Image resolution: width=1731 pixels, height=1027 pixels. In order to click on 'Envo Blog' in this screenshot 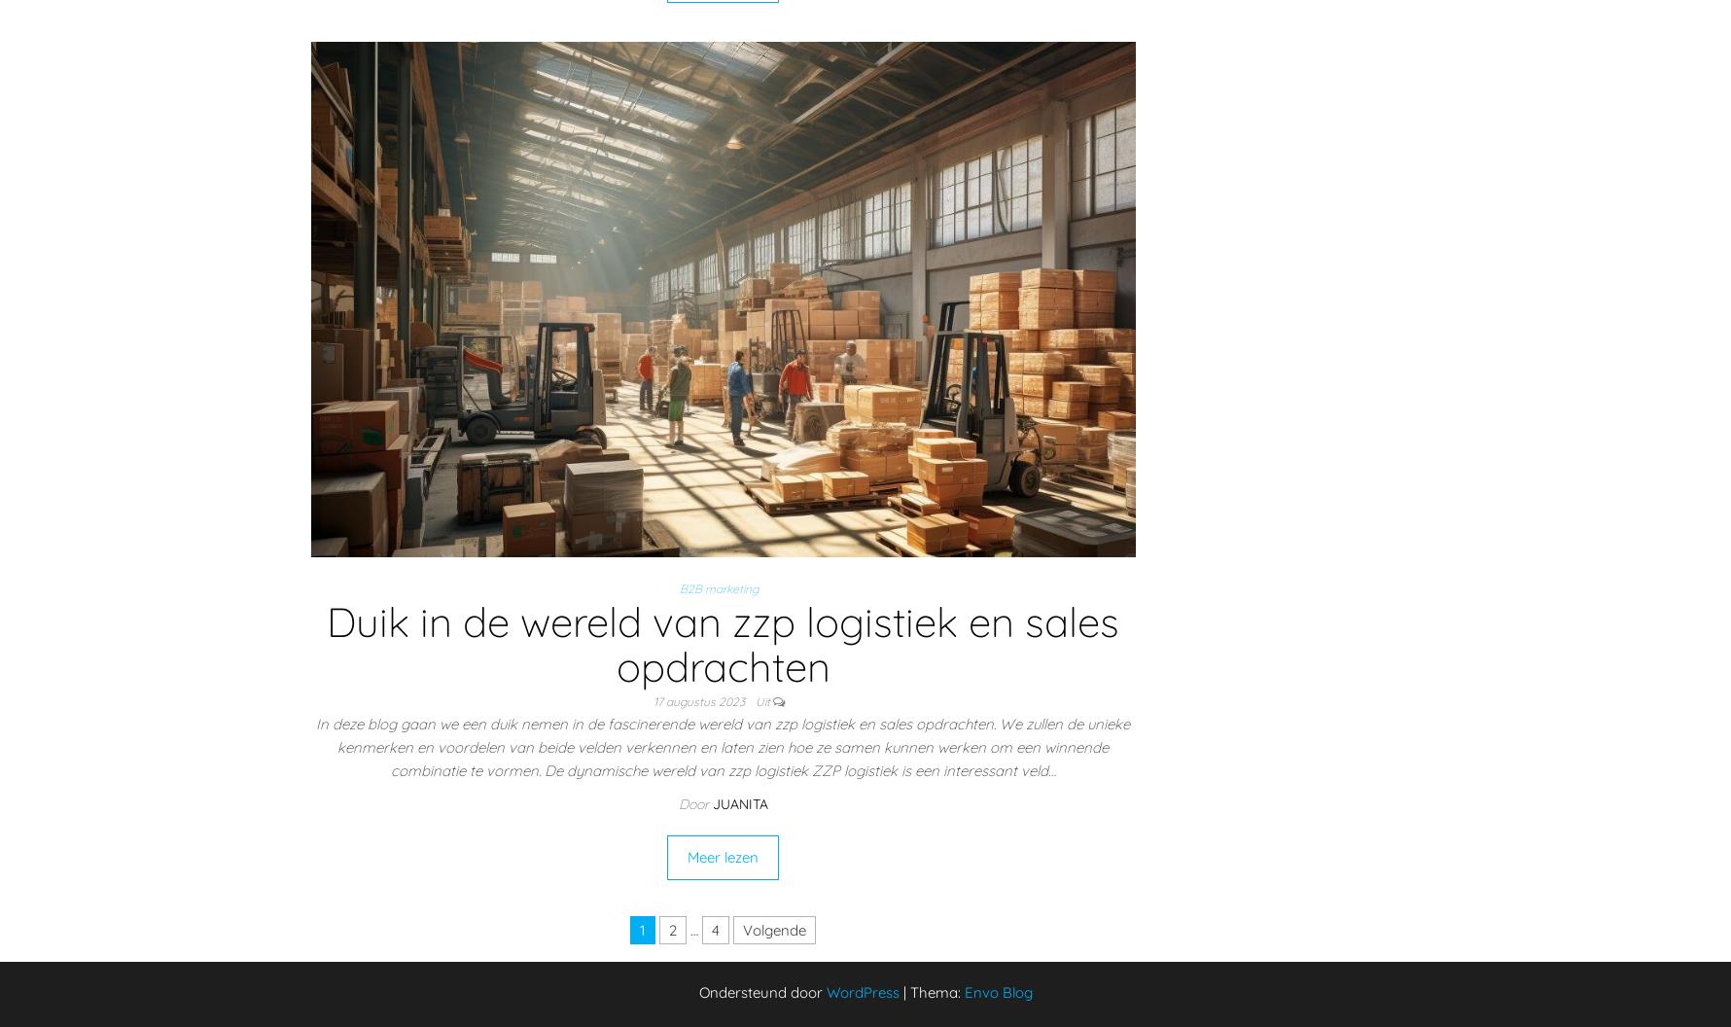, I will do `click(996, 991)`.